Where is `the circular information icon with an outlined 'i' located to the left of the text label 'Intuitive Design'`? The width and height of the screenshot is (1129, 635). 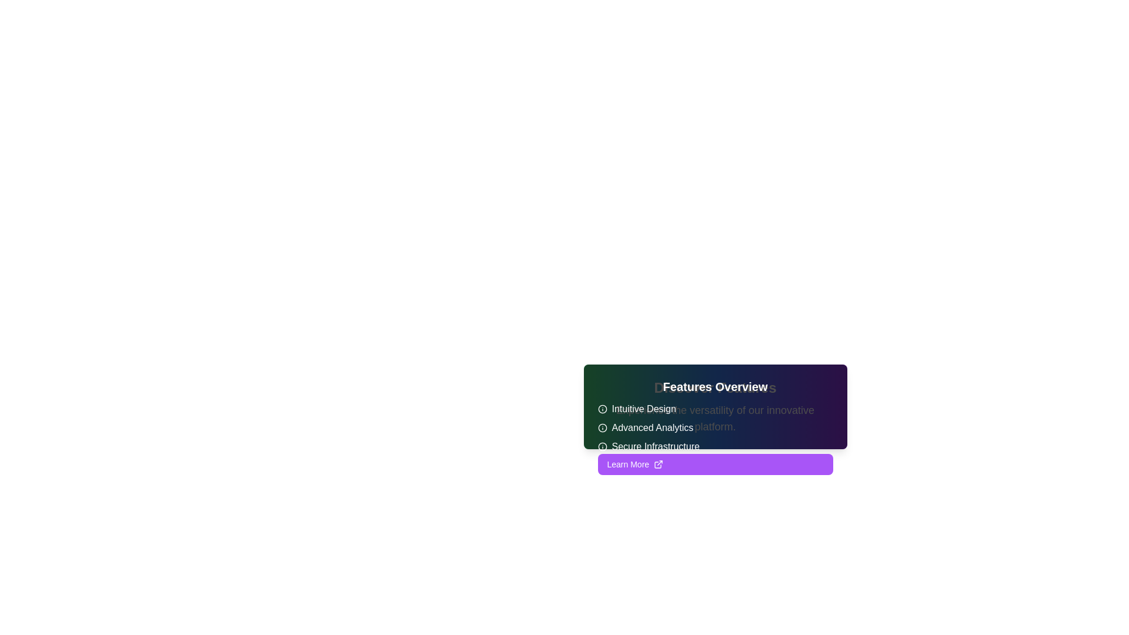
the circular information icon with an outlined 'i' located to the left of the text label 'Intuitive Design' is located at coordinates (602, 408).